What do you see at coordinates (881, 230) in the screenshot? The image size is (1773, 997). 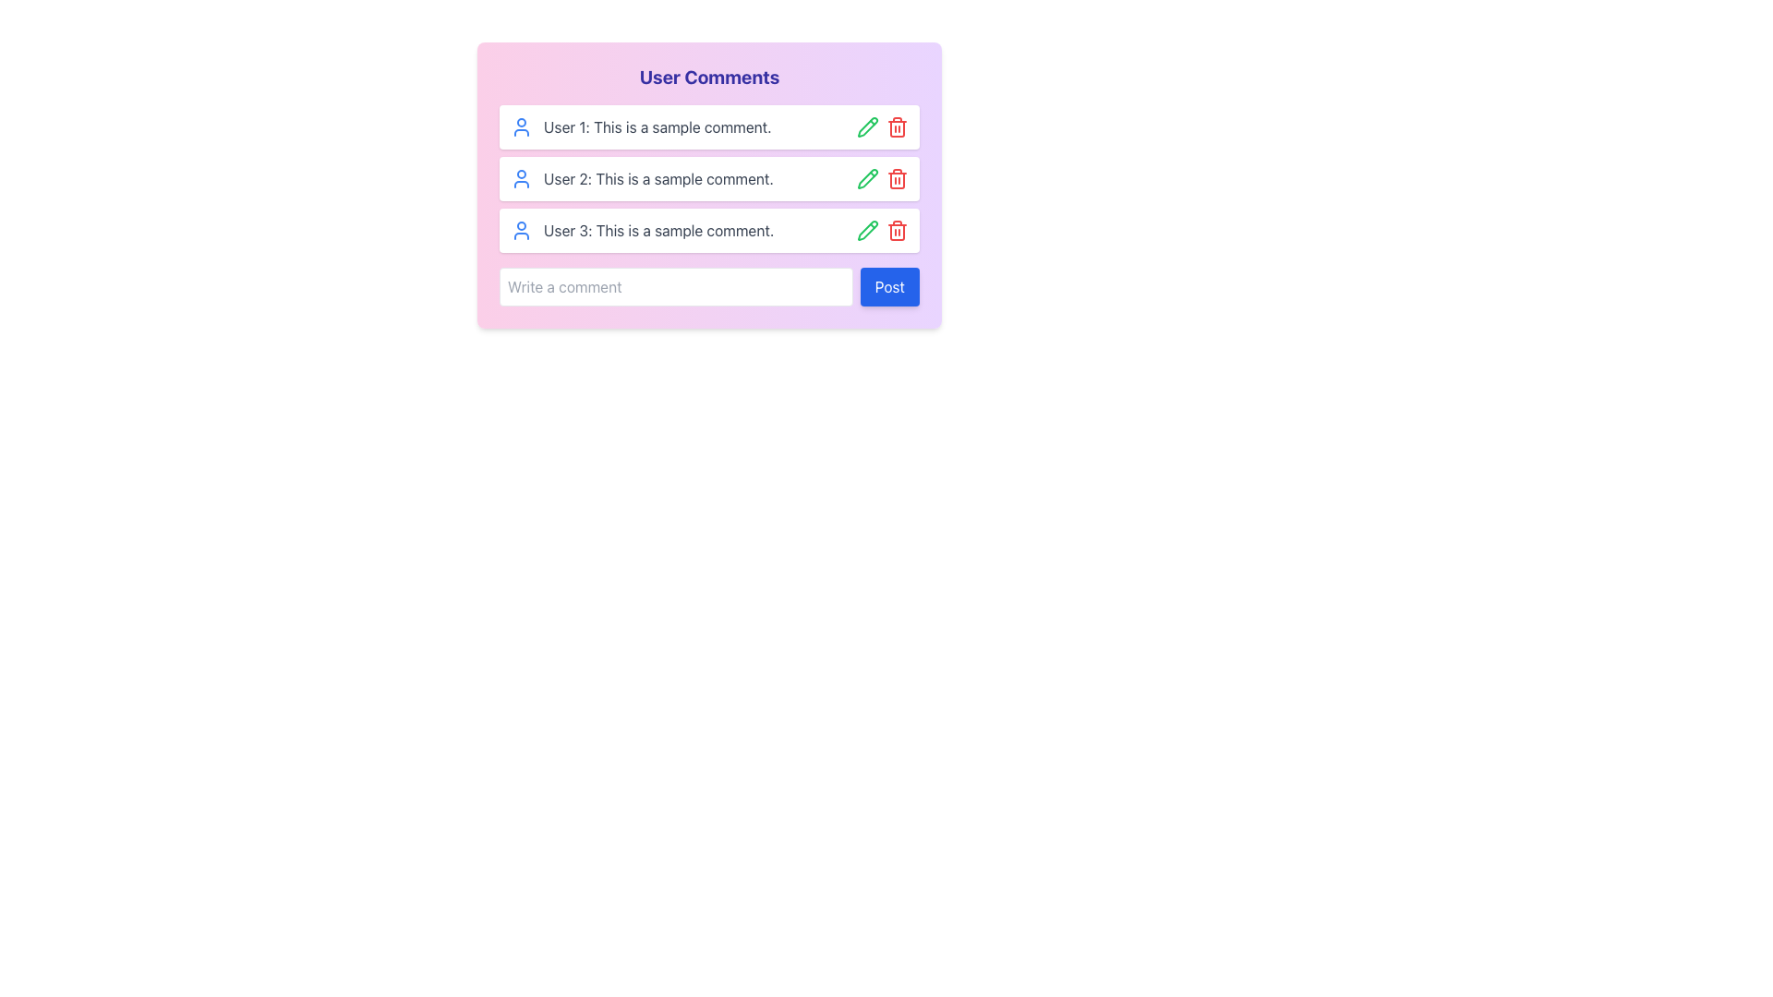 I see `the red delete icon located at the far right of the comment labeled 'User 3: This is a sample comment.'` at bounding box center [881, 230].